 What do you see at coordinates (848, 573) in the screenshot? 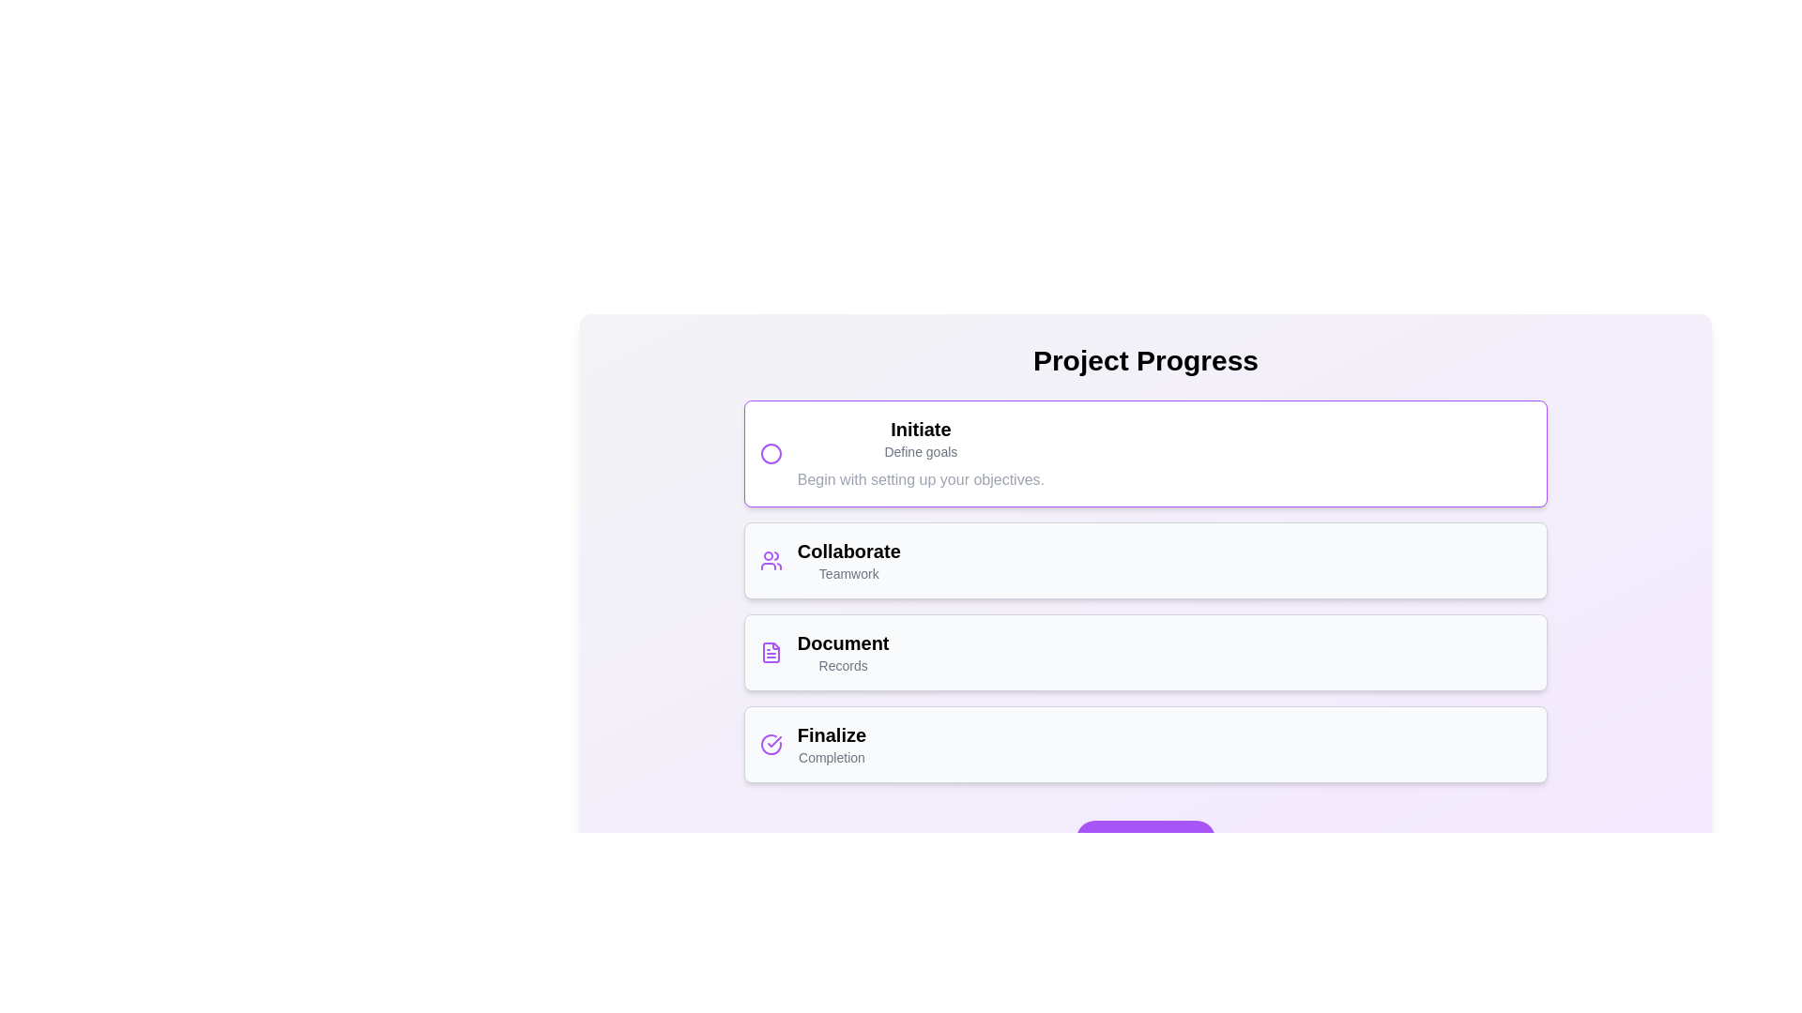
I see `the text label displaying 'Teamwork' located beneath the 'Collaborate' title within the 'Collaborate' card` at bounding box center [848, 573].